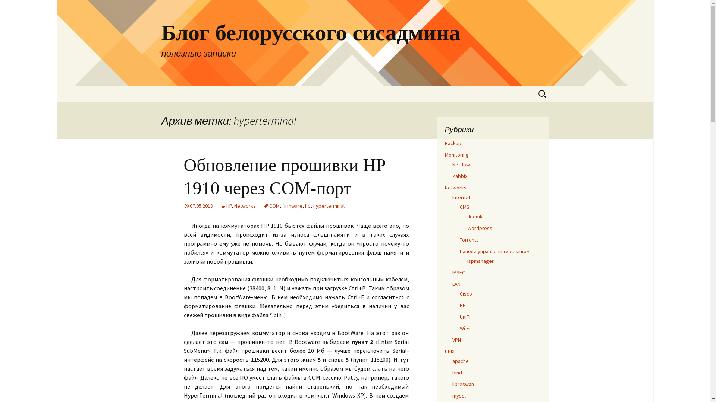 The width and height of the screenshot is (716, 402). I want to click on 'HP', so click(225, 205).